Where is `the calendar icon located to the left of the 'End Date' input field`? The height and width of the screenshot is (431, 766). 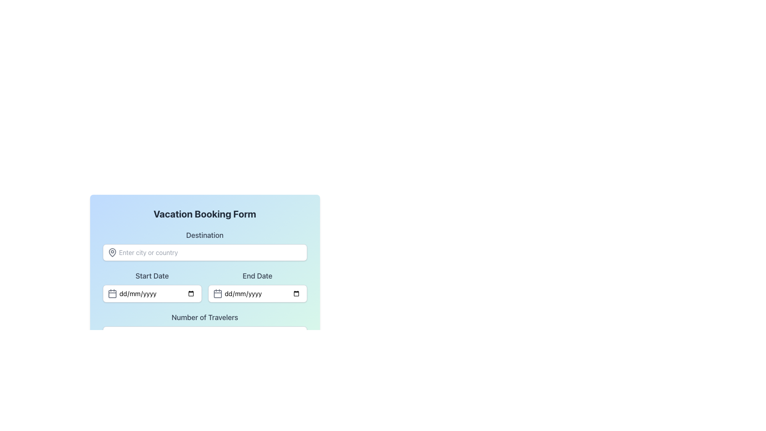 the calendar icon located to the left of the 'End Date' input field is located at coordinates (217, 294).